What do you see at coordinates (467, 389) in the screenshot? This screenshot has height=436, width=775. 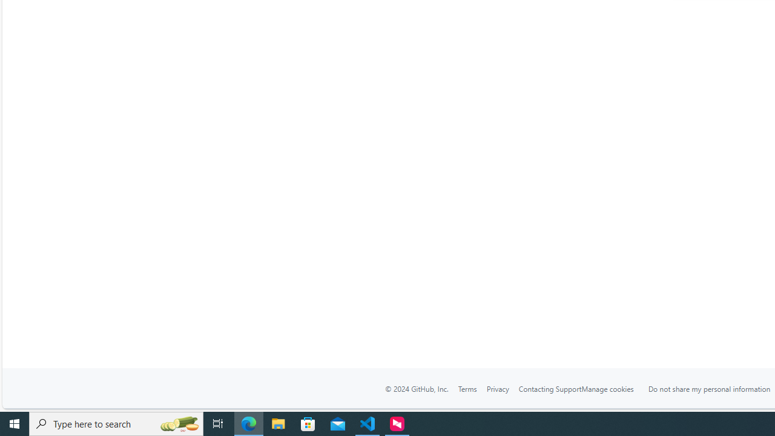 I see `'Terms'` at bounding box center [467, 389].